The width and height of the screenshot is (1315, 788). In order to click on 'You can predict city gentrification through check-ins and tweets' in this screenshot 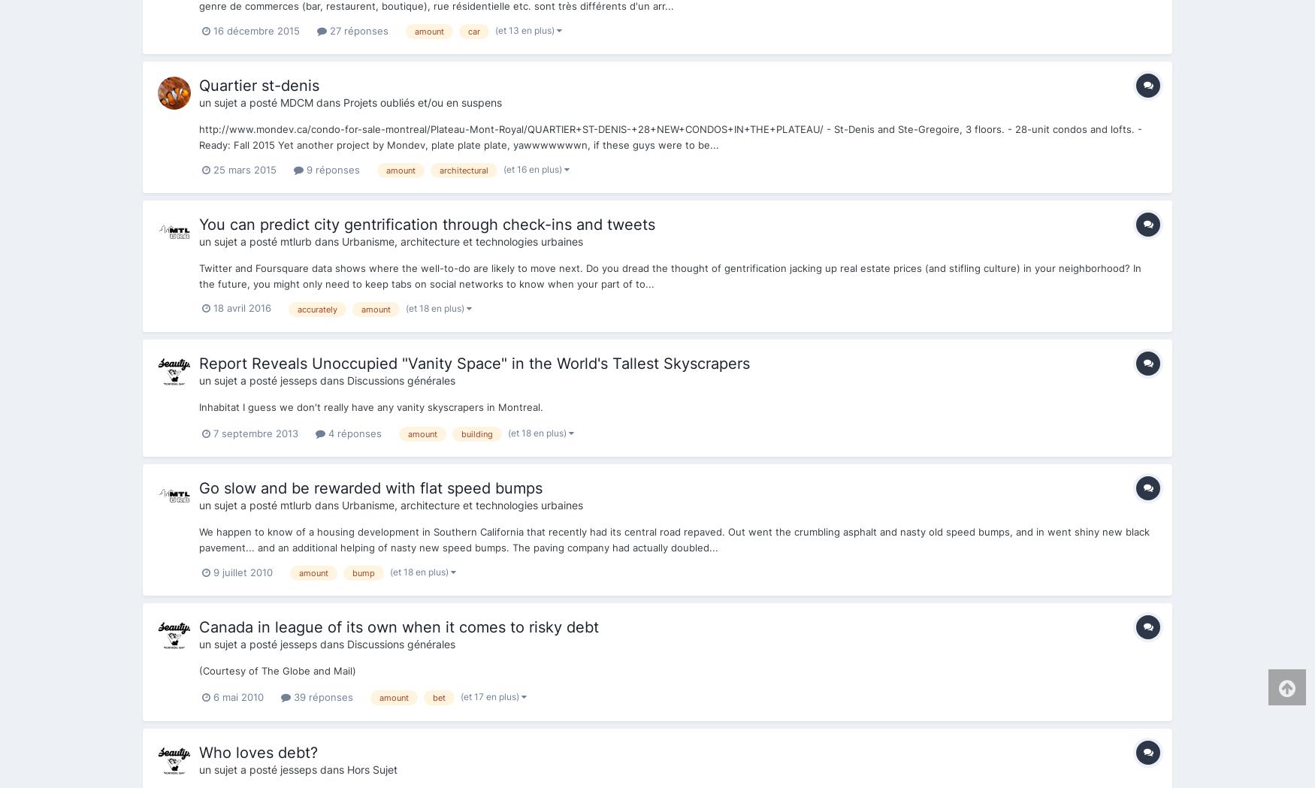, I will do `click(427, 224)`.